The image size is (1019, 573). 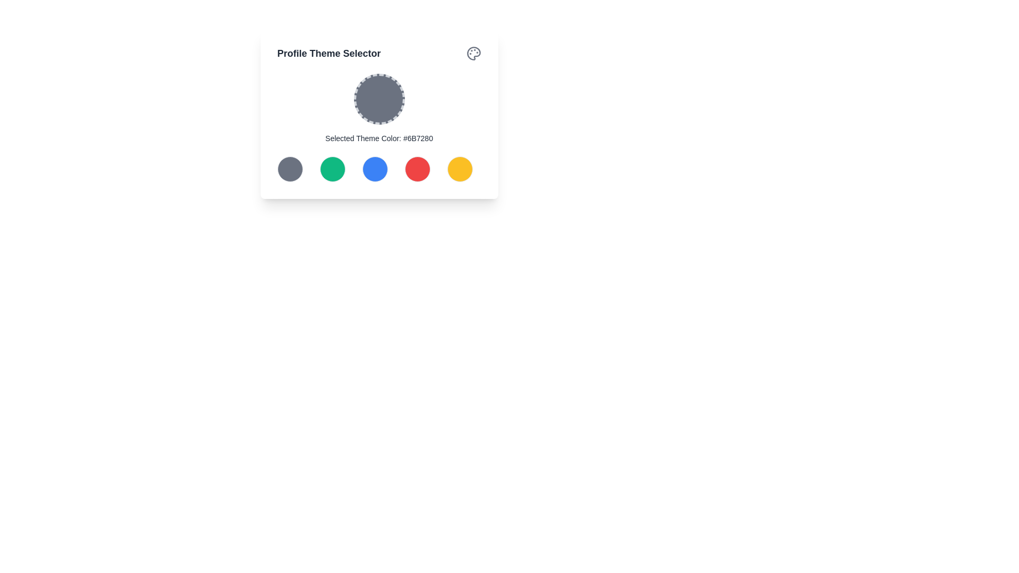 What do you see at coordinates (379, 138) in the screenshot?
I see `the text label displaying 'Selected Theme Color: #6B7280', which is positioned below the circular color preview and above the row of color options` at bounding box center [379, 138].